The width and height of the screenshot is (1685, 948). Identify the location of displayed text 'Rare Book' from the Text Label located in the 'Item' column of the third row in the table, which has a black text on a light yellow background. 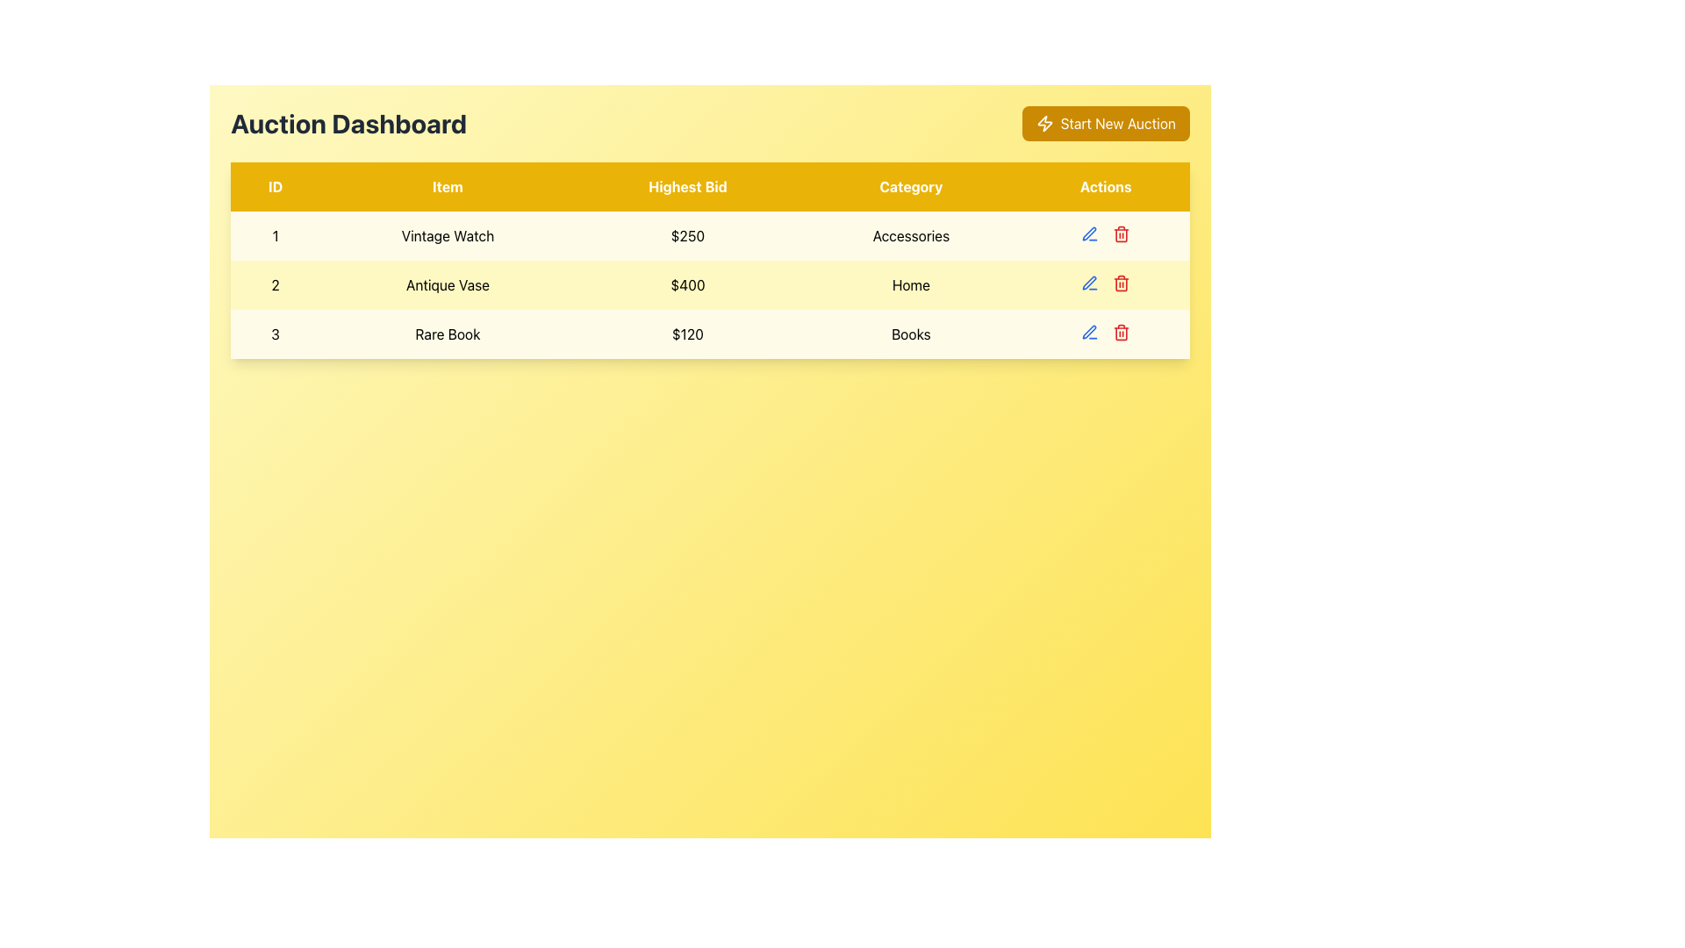
(448, 334).